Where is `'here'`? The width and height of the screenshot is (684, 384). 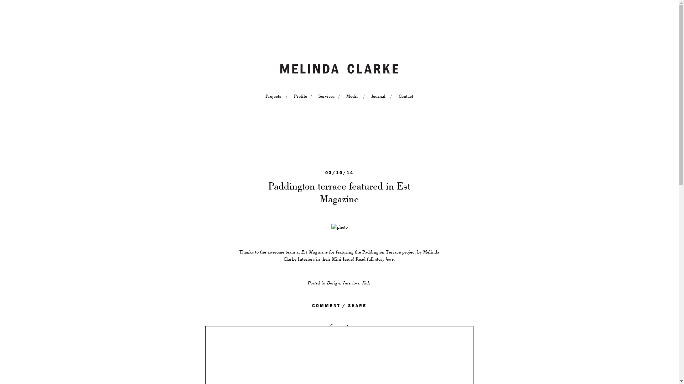 'here' is located at coordinates (389, 259).